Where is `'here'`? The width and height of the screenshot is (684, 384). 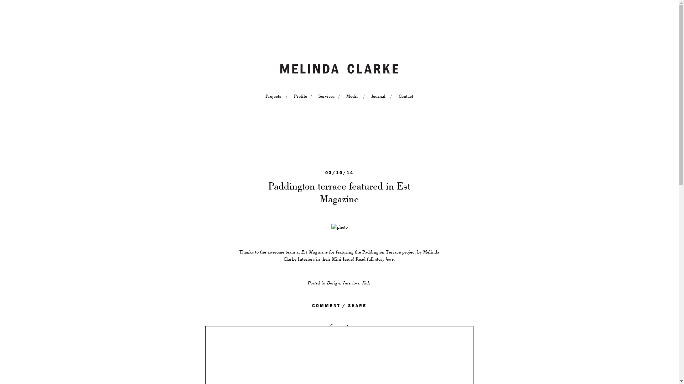 'here' is located at coordinates (389, 259).